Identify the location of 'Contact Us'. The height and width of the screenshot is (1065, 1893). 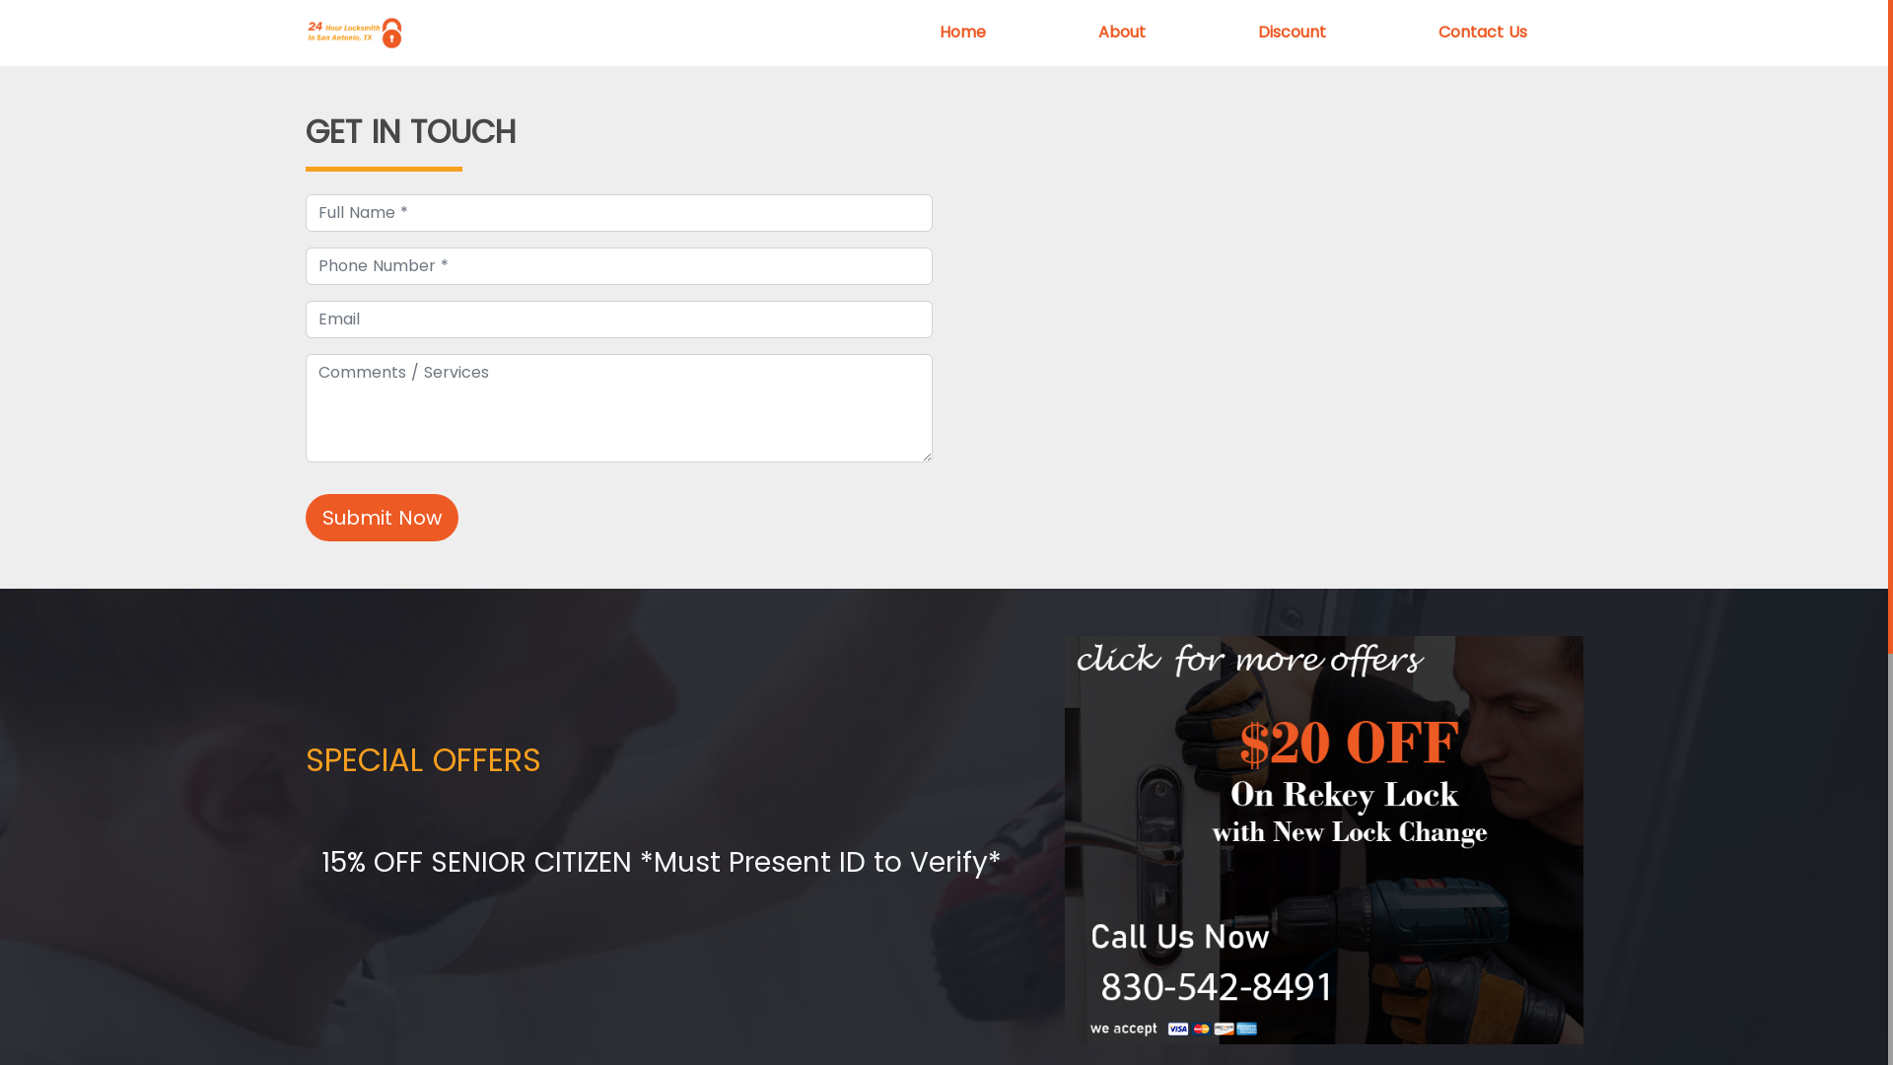
(1429, 33).